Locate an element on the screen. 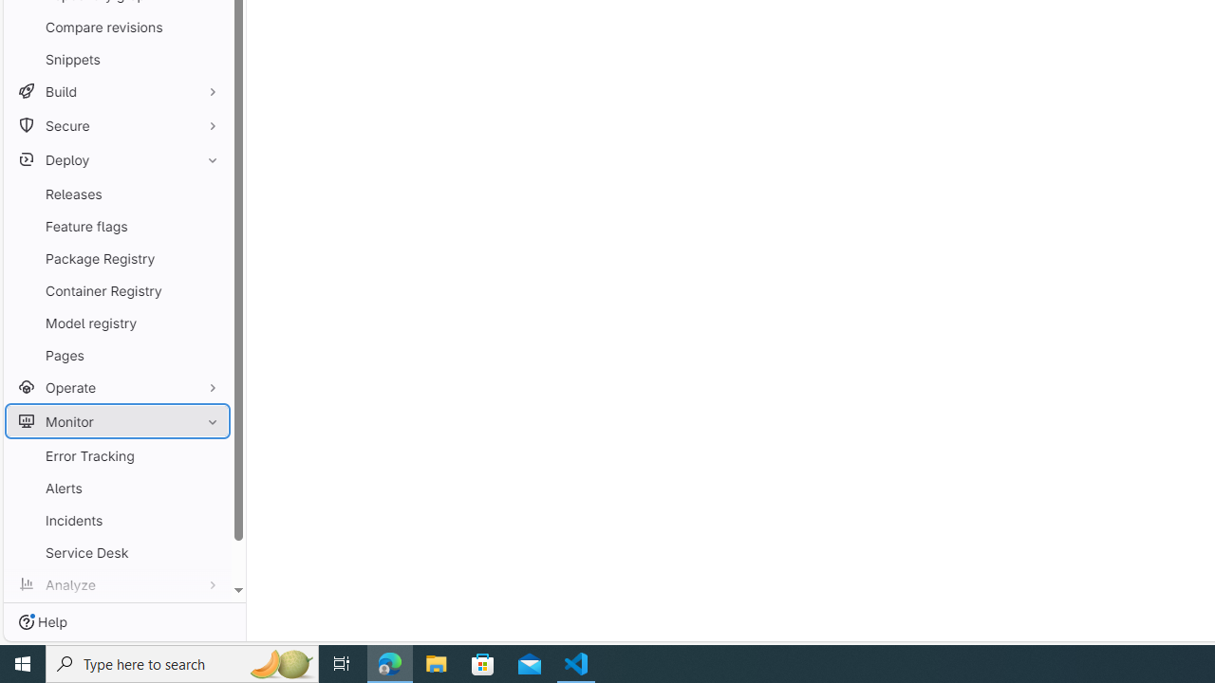 Image resolution: width=1215 pixels, height=683 pixels. 'Error Tracking' is located at coordinates (117, 455).